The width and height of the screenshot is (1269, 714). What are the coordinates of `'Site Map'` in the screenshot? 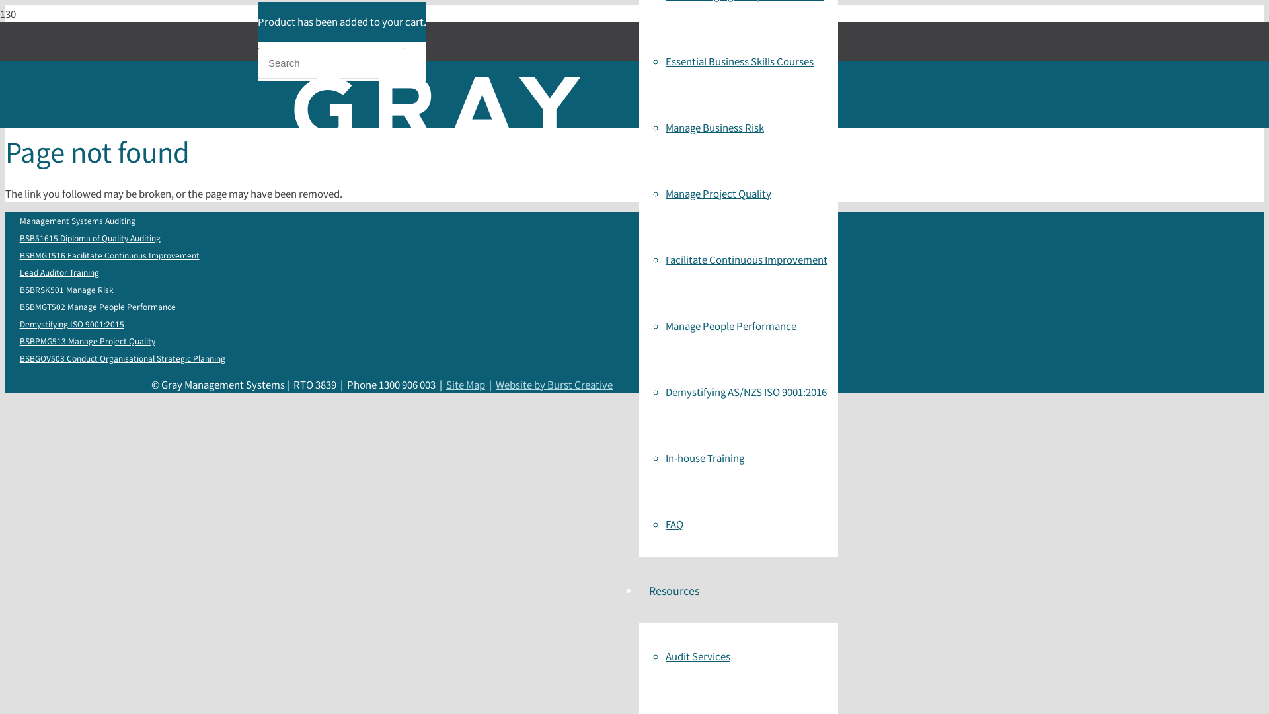 It's located at (446, 384).